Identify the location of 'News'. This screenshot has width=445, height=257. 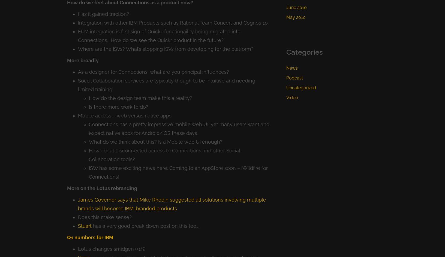
(291, 68).